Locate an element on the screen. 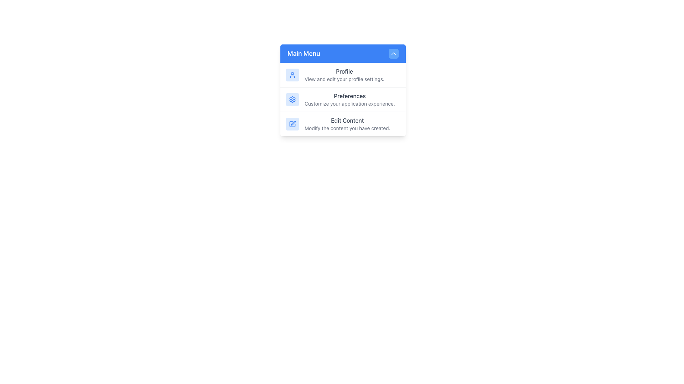 This screenshot has width=684, height=384. the 'Preferences' text label, which is displayed in a medium-weight grey font within the dropdown menu labeled 'Main Menu', positioned between 'Profile' and 'Edit Content' is located at coordinates (349, 96).